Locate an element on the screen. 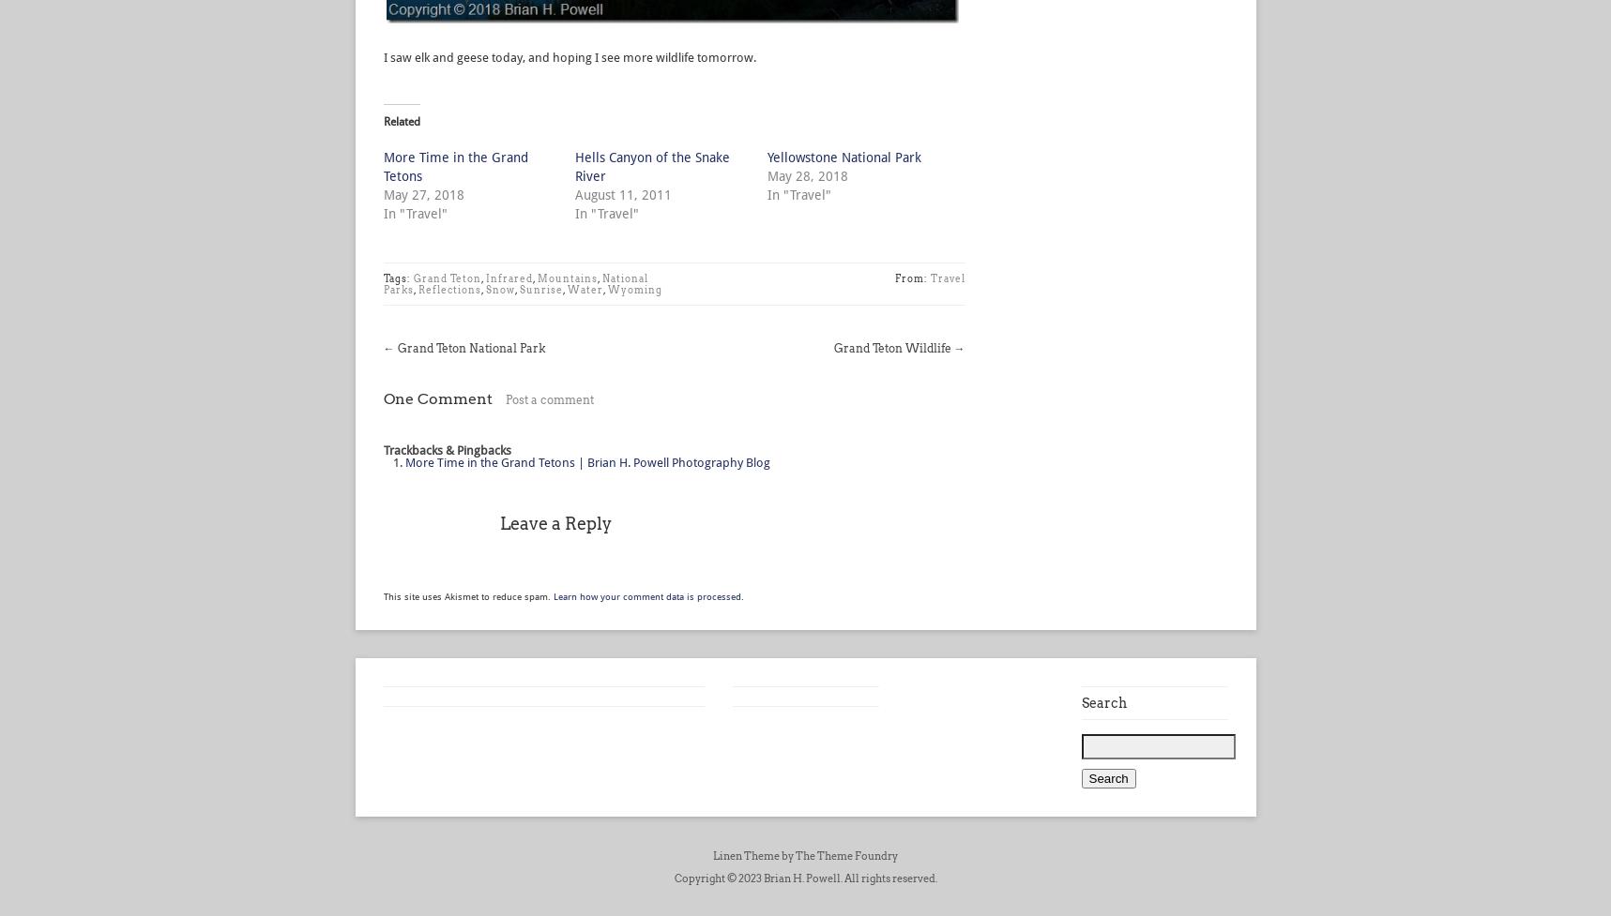  'I saw elk and geese today, and hoping I see more wildlife tomorrow.' is located at coordinates (568, 57).